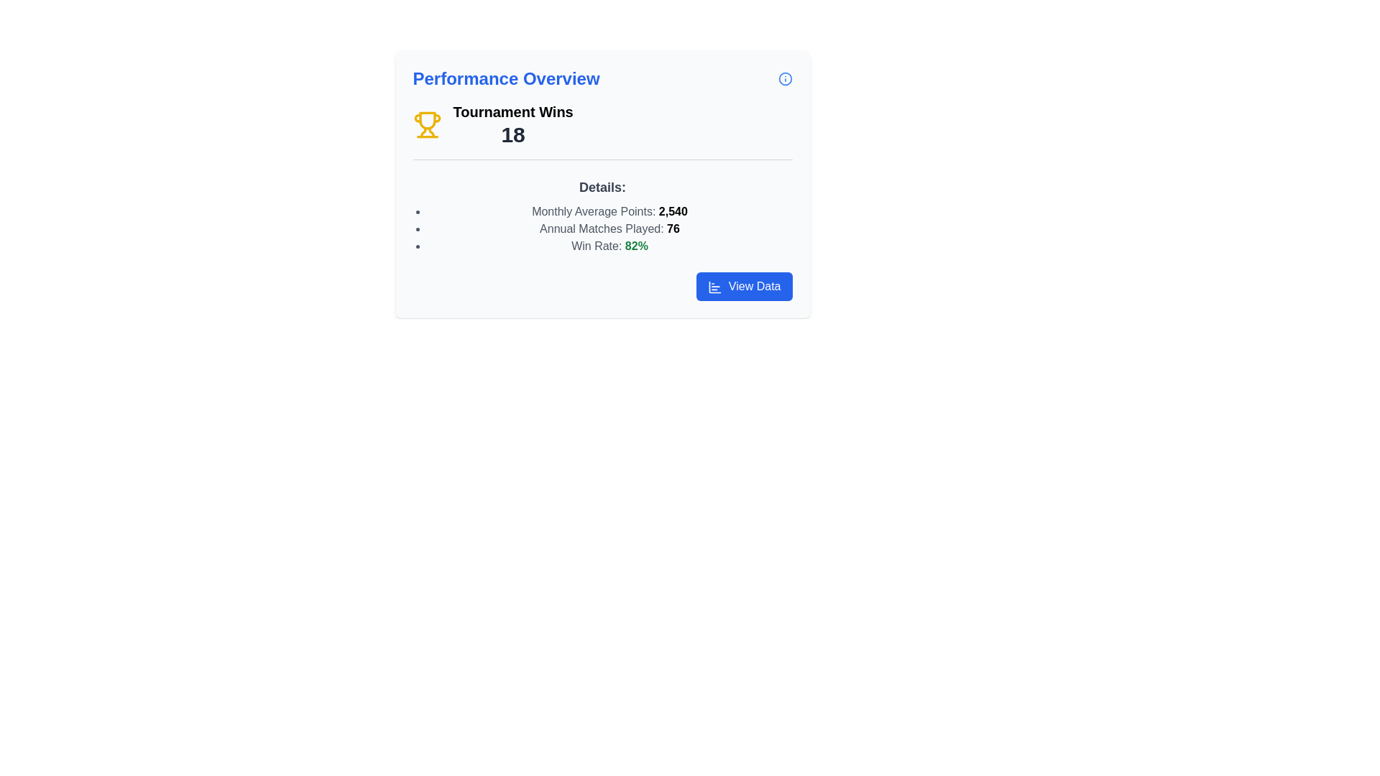  I want to click on the text display element showing '82%' in green bold font, located under the 'Win Rate:' label within the 'Performance Overview' card, so click(635, 245).